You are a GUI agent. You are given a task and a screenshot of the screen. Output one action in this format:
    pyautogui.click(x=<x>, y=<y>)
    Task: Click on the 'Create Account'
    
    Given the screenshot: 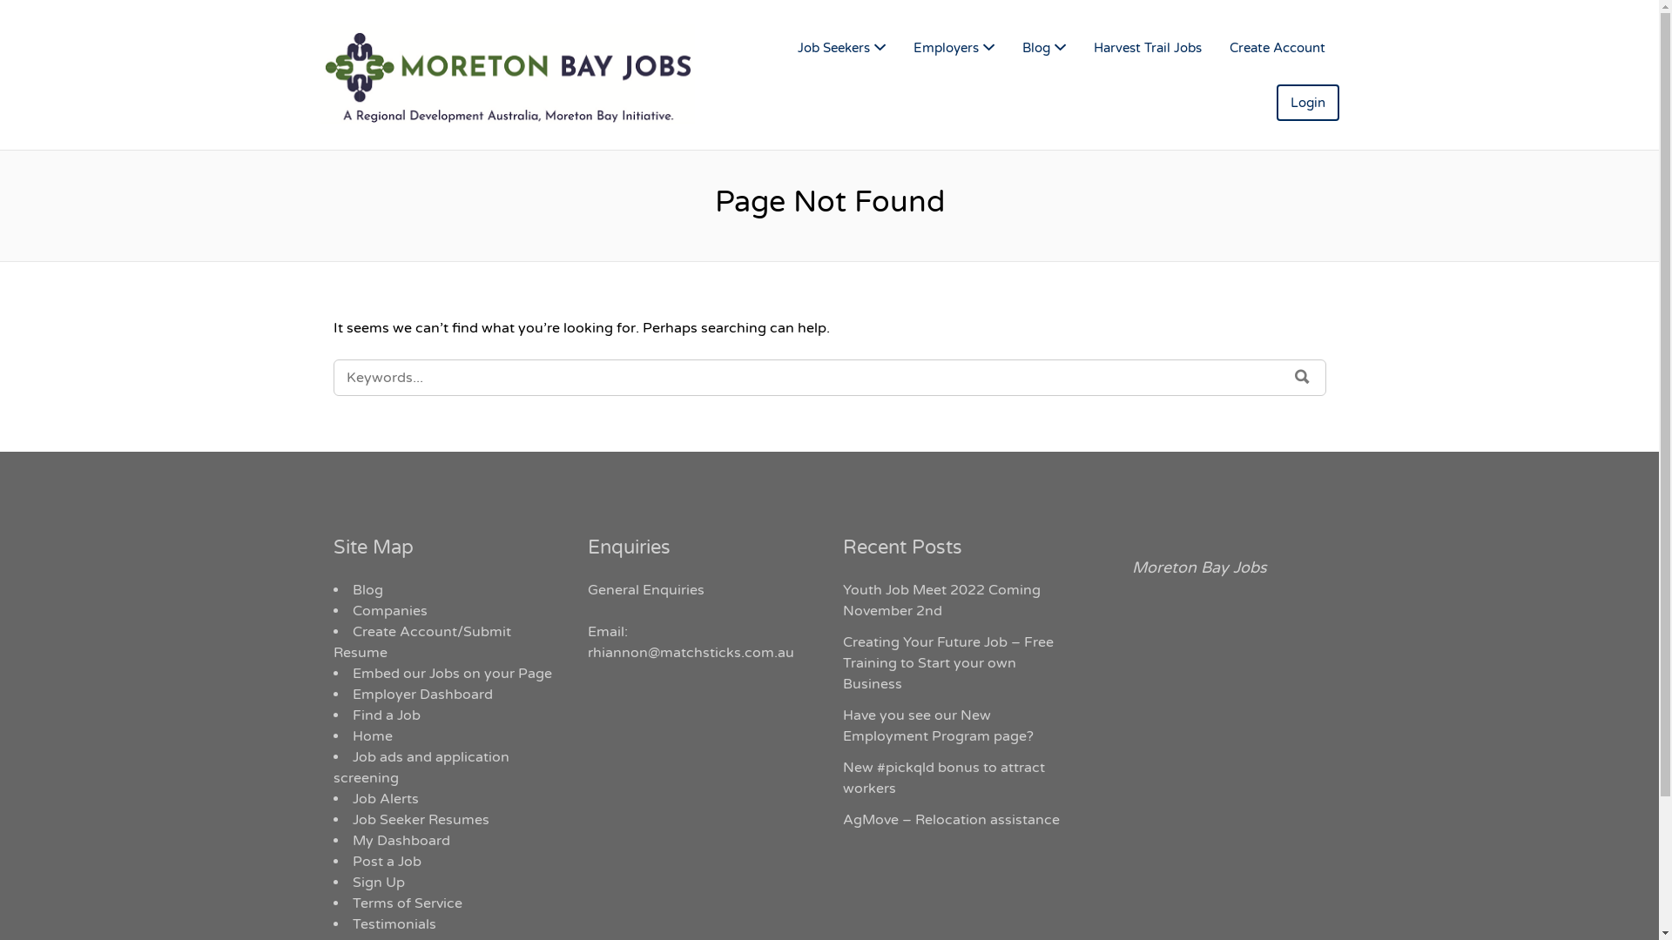 What is the action you would take?
    pyautogui.click(x=1278, y=47)
    